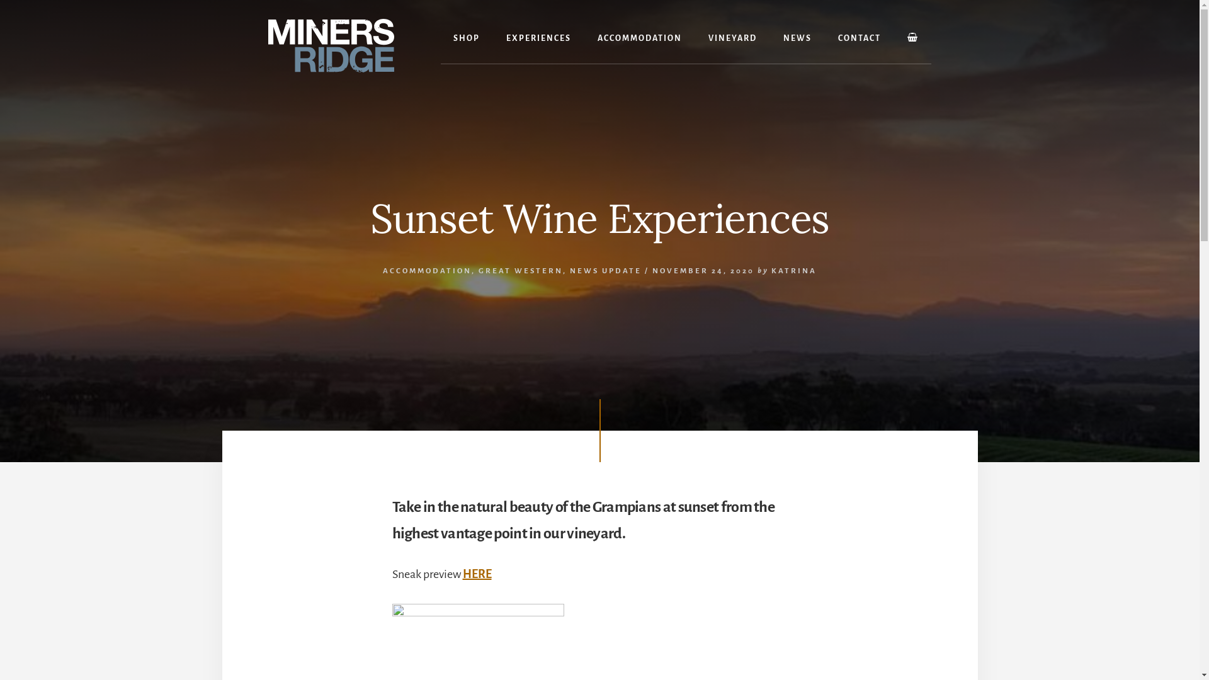  I want to click on 'EXPERIENCES', so click(492, 38).